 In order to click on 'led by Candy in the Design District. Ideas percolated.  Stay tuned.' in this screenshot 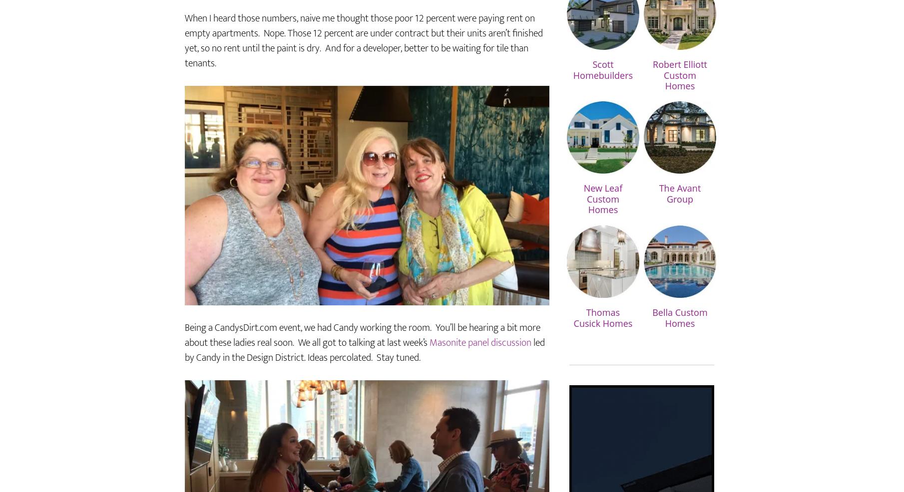, I will do `click(365, 379)`.